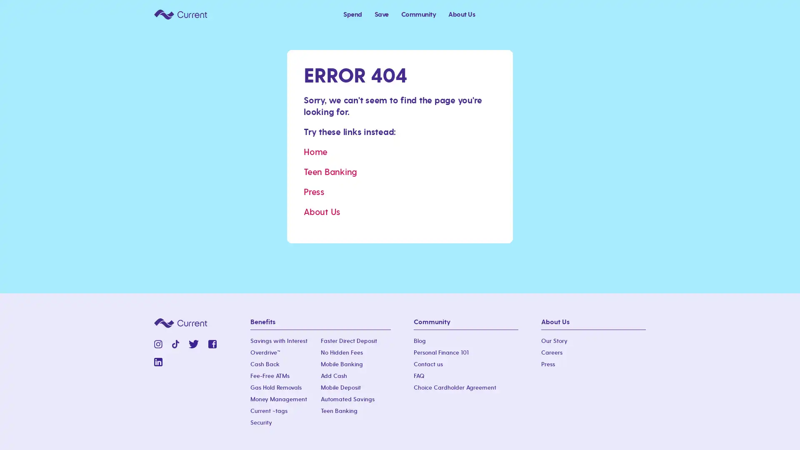 This screenshot has height=450, width=800. Describe the element at coordinates (269, 411) in the screenshot. I see `Current ~tags` at that location.